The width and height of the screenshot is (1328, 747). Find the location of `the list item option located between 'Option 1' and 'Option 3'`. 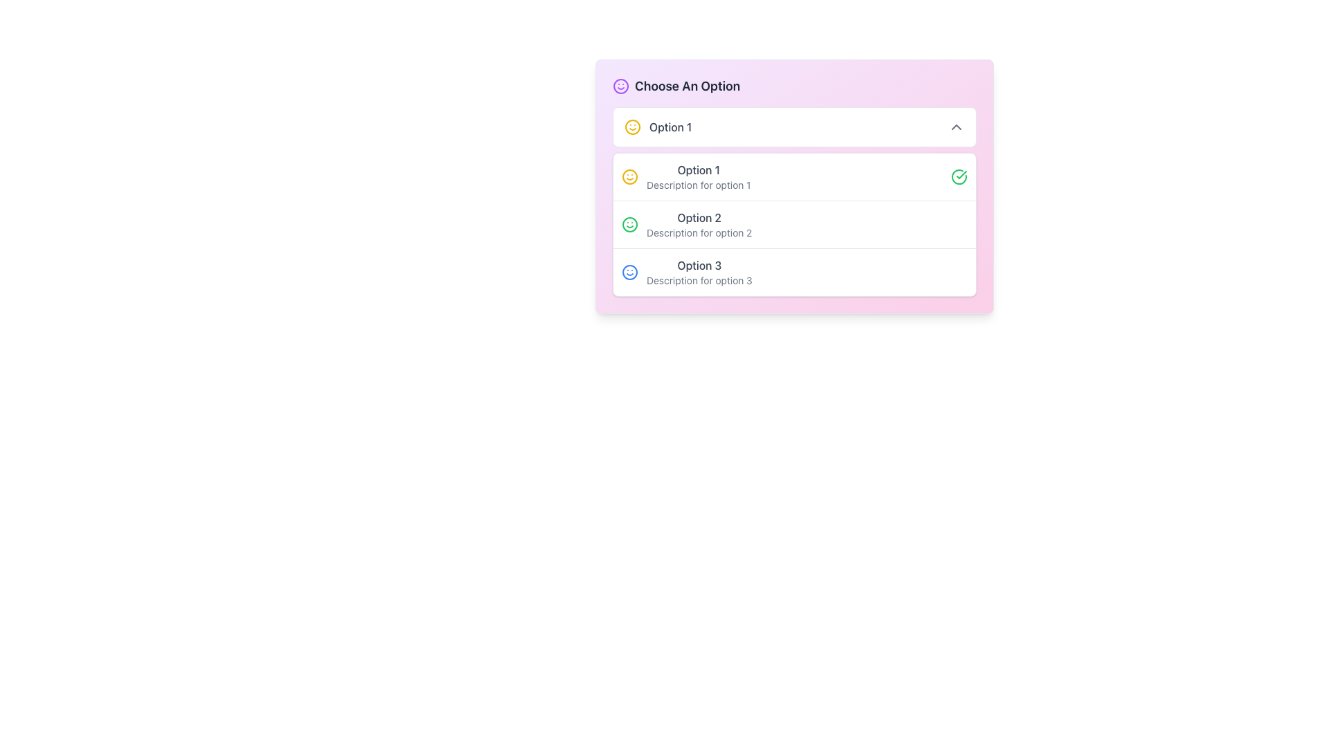

the list item option located between 'Option 1' and 'Option 3' is located at coordinates (687, 223).